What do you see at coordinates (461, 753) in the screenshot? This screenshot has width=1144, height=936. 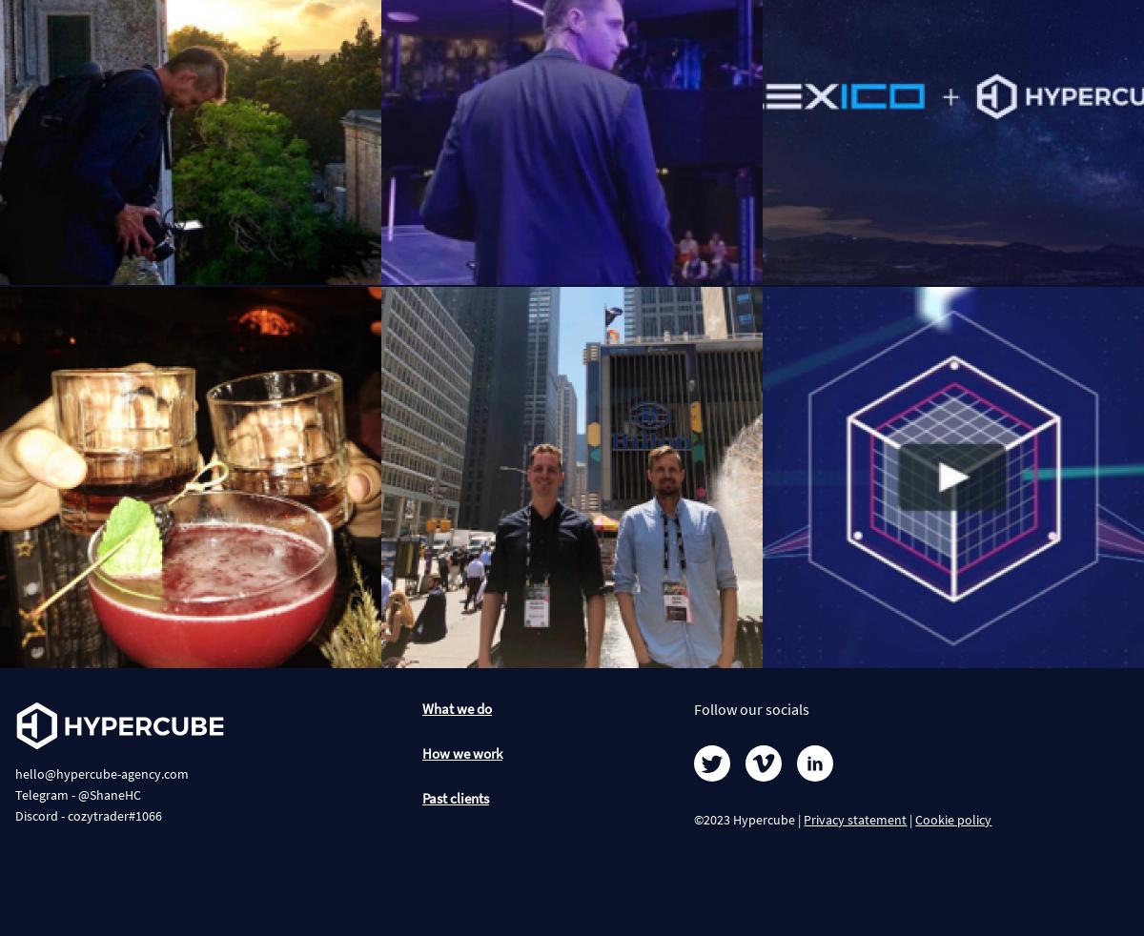 I see `'How we work'` at bounding box center [461, 753].